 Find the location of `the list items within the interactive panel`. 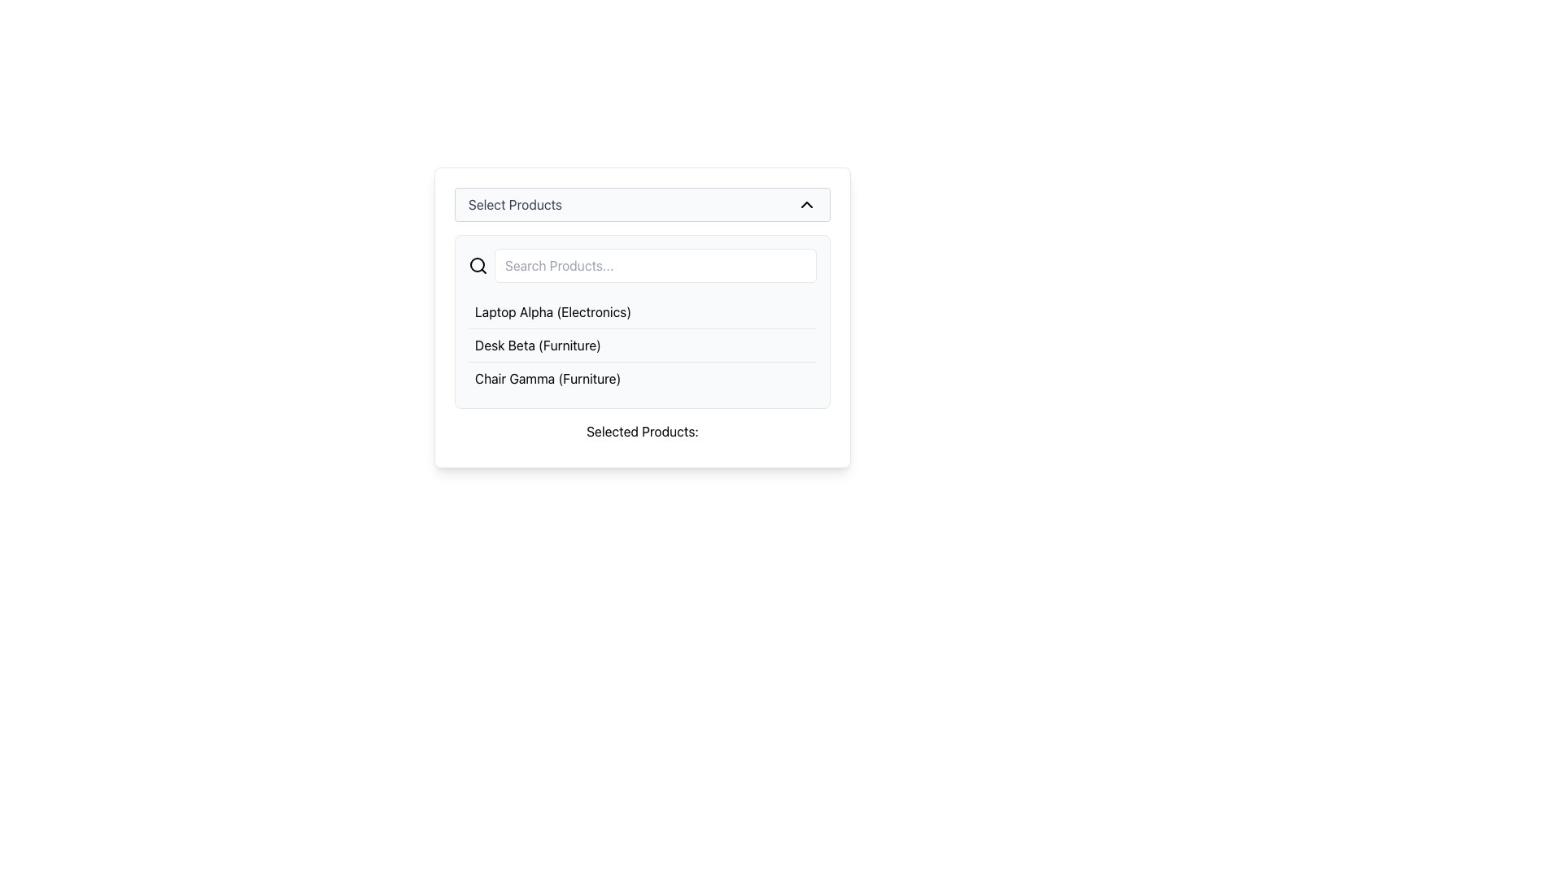

the list items within the interactive panel is located at coordinates (642, 317).